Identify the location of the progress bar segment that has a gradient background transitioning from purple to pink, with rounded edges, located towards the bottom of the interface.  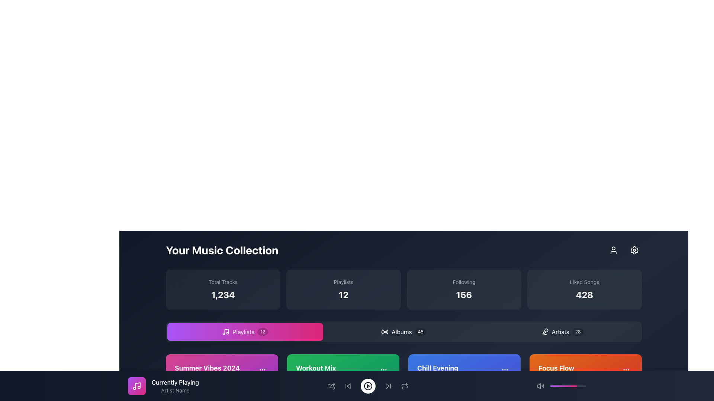
(564, 386).